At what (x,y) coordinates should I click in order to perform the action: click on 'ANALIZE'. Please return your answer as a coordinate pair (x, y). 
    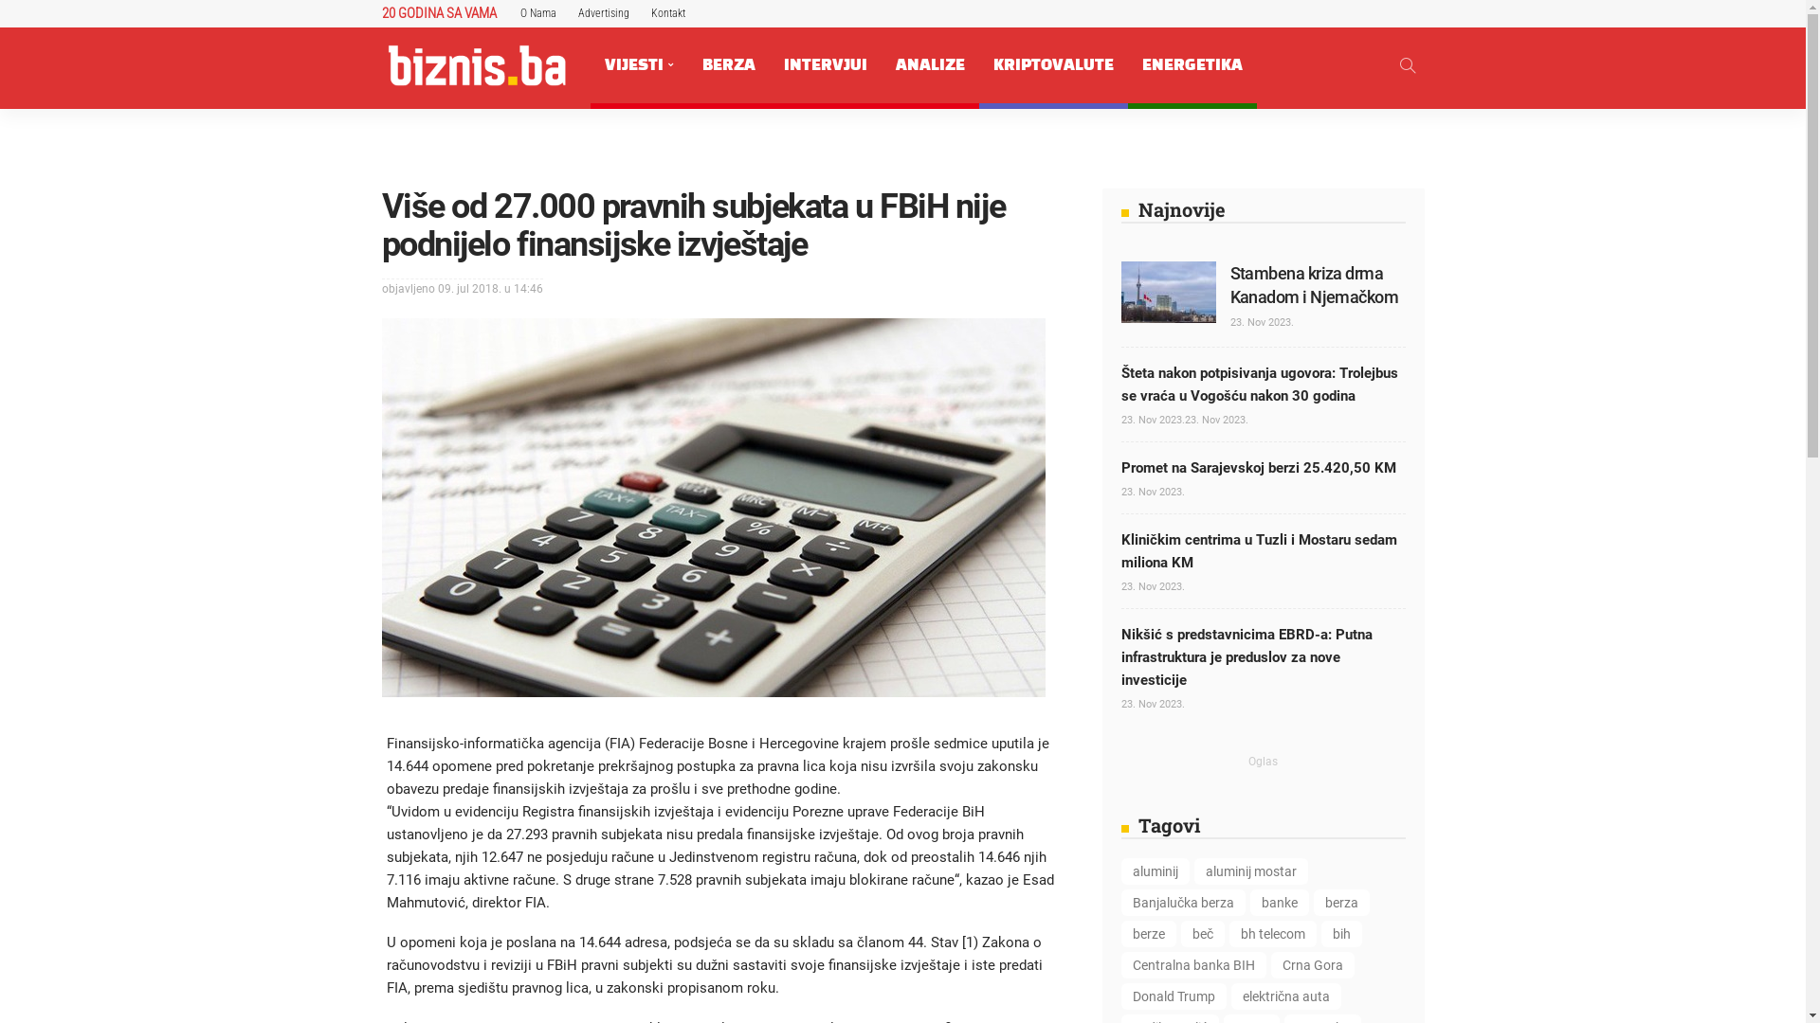
    Looking at the image, I should click on (930, 64).